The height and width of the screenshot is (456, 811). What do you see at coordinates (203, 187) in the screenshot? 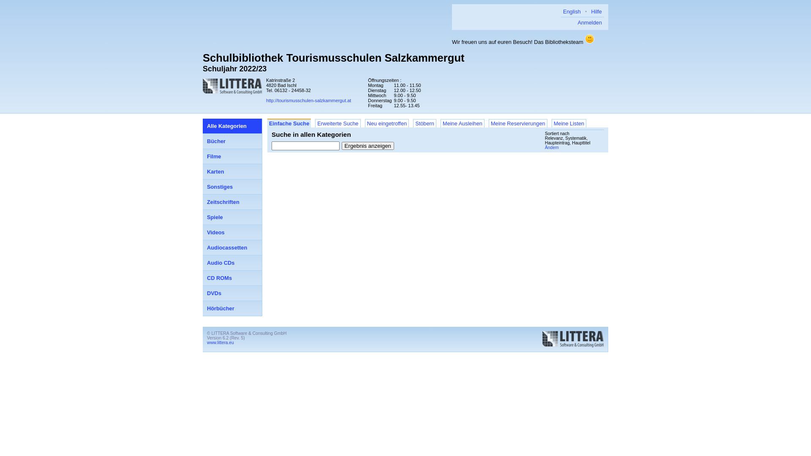
I see `'Sonstiges'` at bounding box center [203, 187].